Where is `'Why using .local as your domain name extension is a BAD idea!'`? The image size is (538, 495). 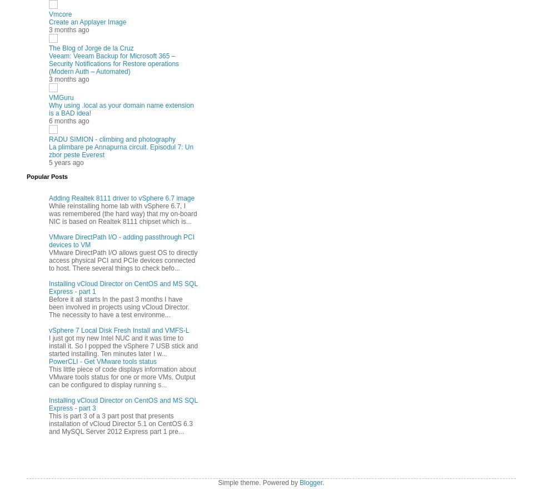 'Why using .local as your domain name extension is a BAD idea!' is located at coordinates (120, 109).